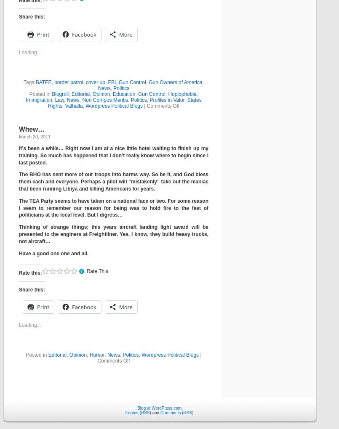 Image resolution: width=339 pixels, height=429 pixels. What do you see at coordinates (94, 82) in the screenshot?
I see `'cover up'` at bounding box center [94, 82].